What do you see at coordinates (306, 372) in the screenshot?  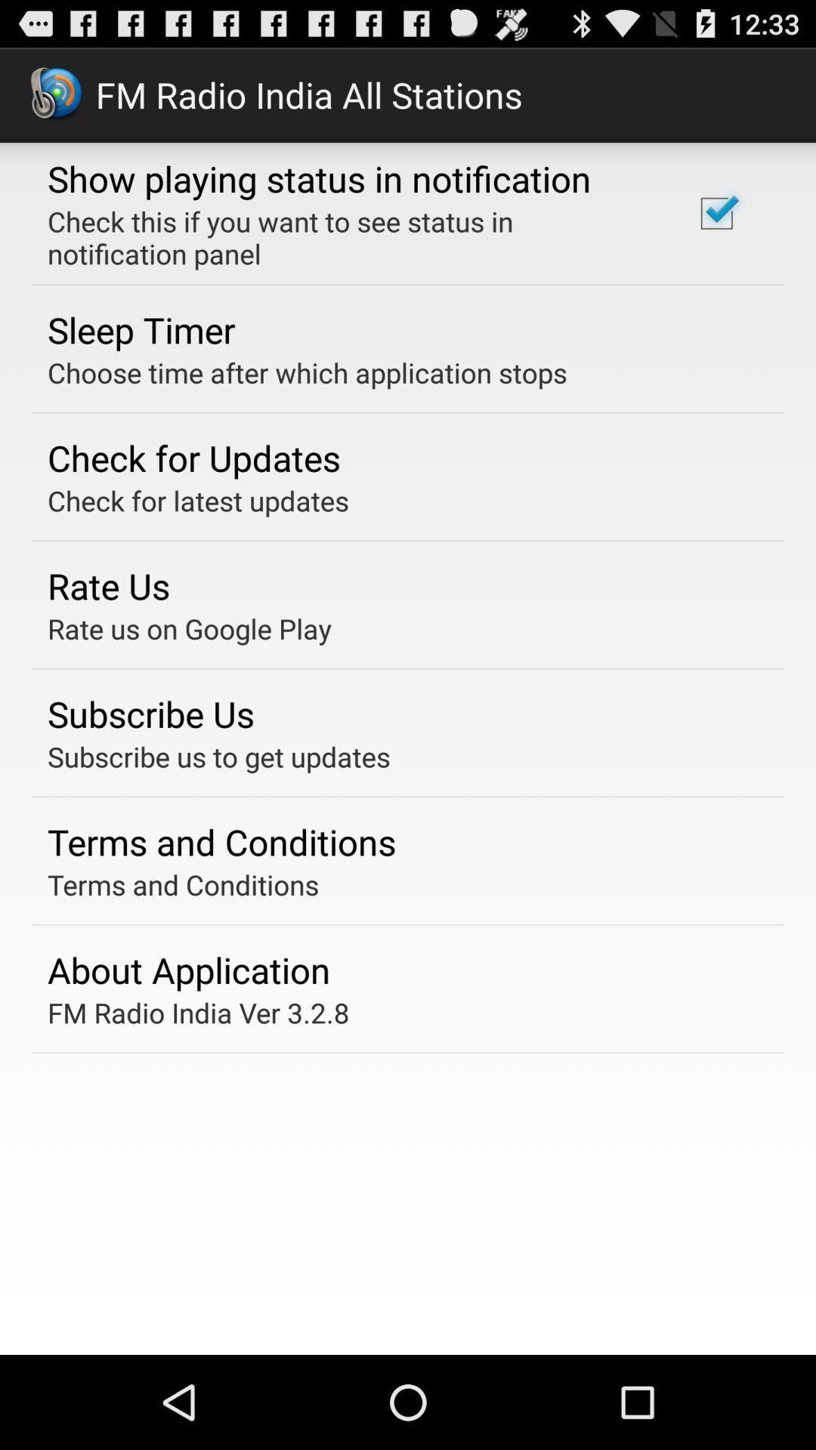 I see `choose time after icon` at bounding box center [306, 372].